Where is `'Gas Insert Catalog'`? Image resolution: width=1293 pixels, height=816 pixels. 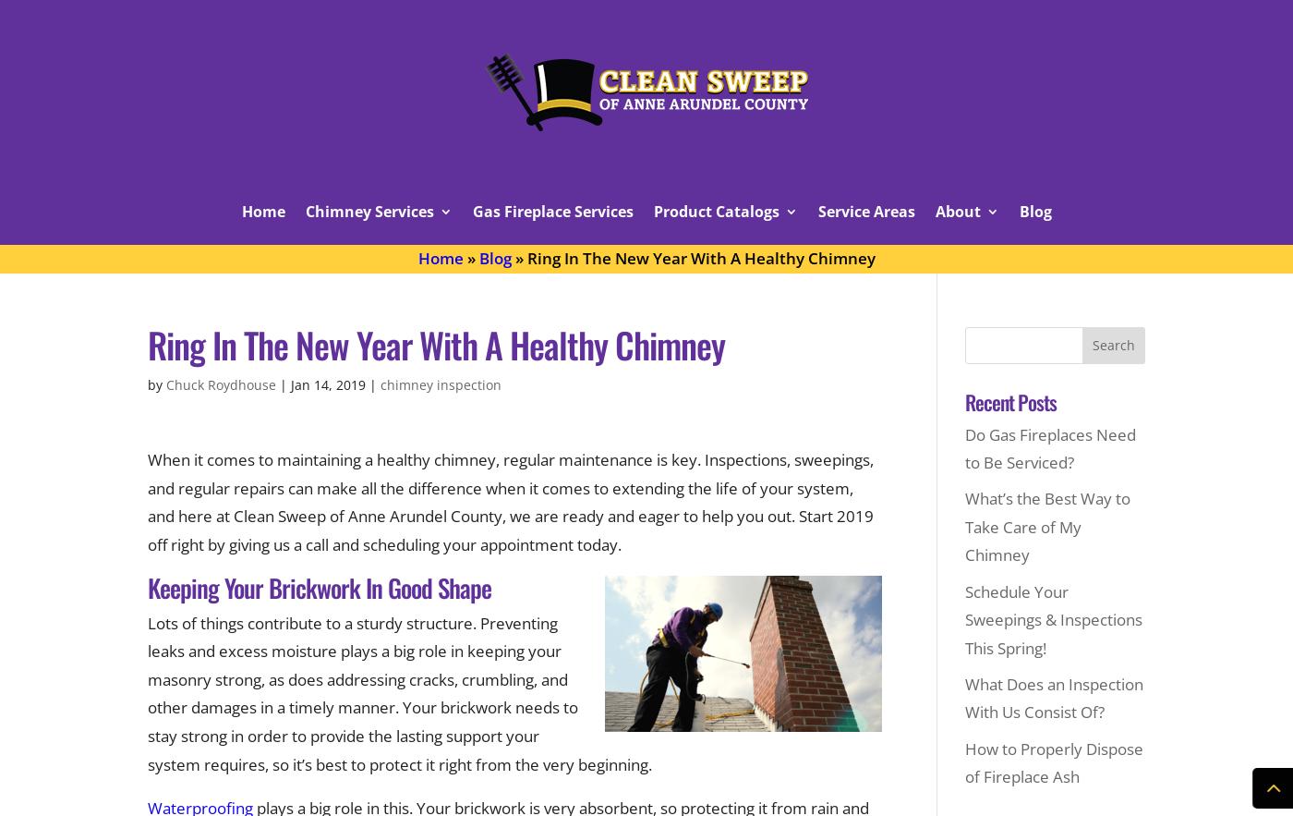 'Gas Insert Catalog' is located at coordinates (707, 294).